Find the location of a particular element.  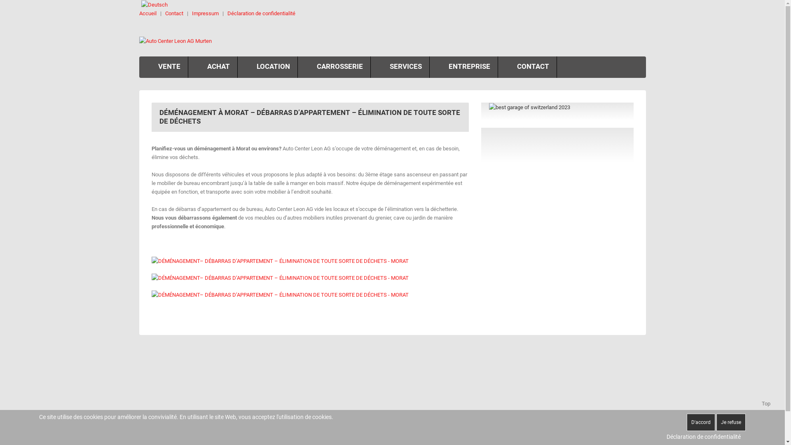

'info@autoleon.ch' is located at coordinates (502, 424).